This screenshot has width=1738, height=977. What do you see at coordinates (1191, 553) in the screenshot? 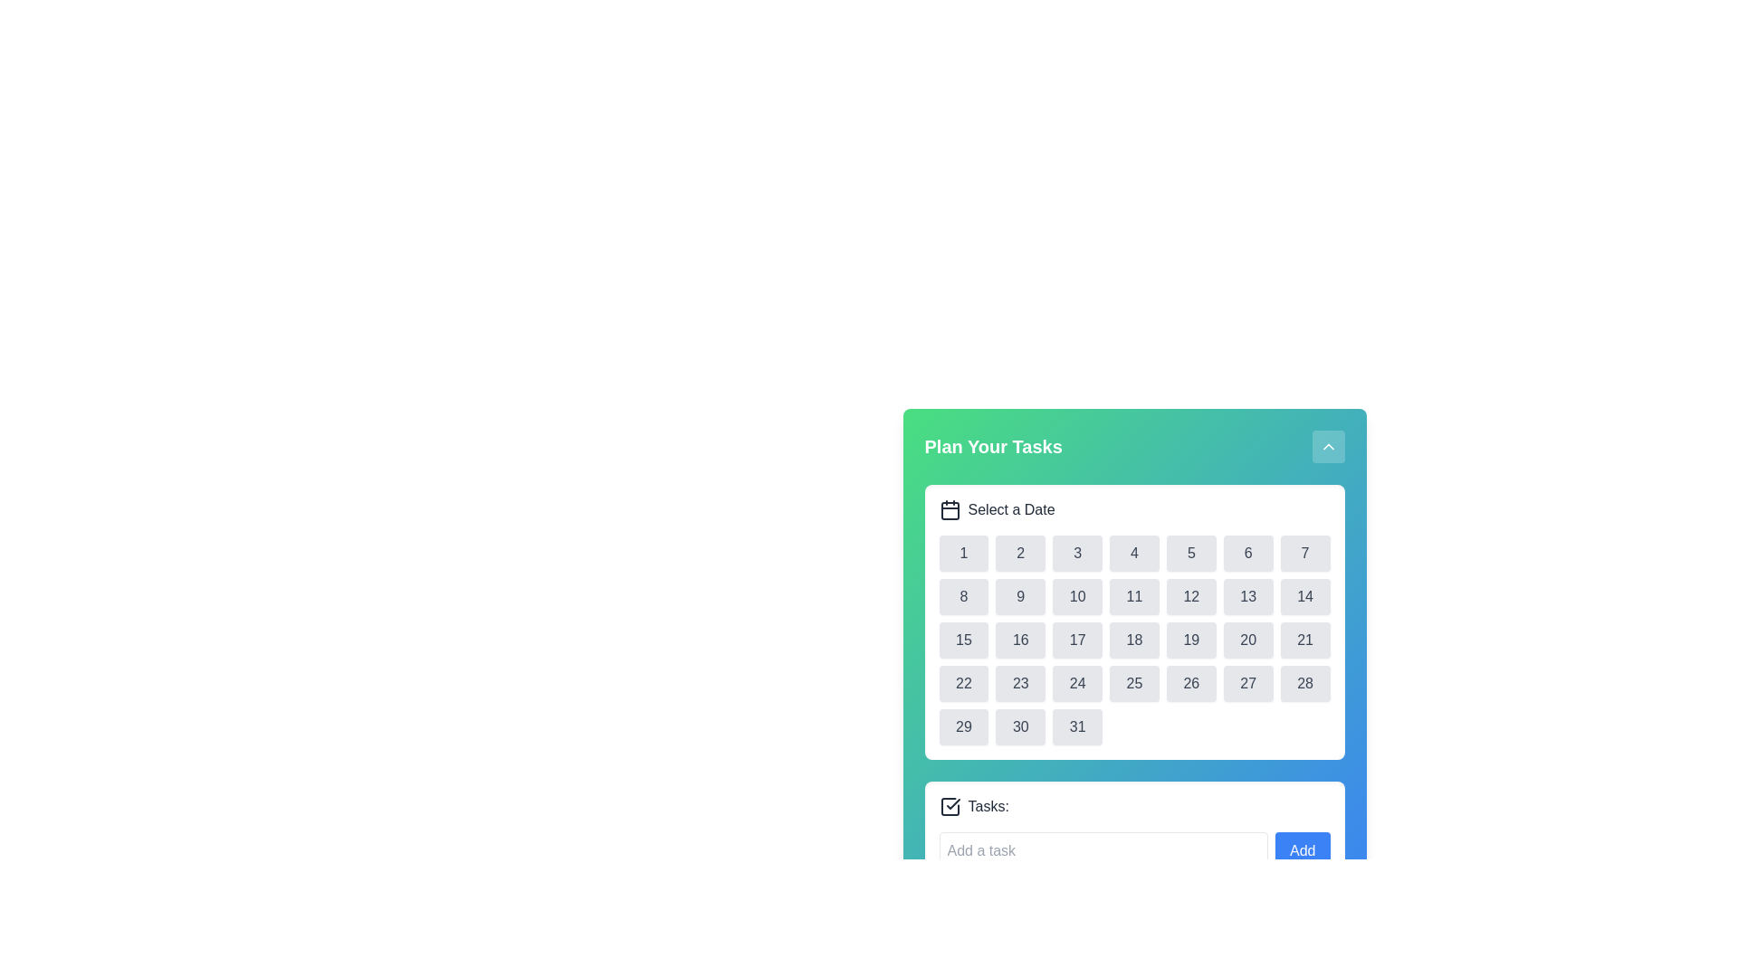
I see `the button in the calendar grid that selects the 5th day of the month for further actions in the 'Plan Your Tasks' application` at bounding box center [1191, 553].